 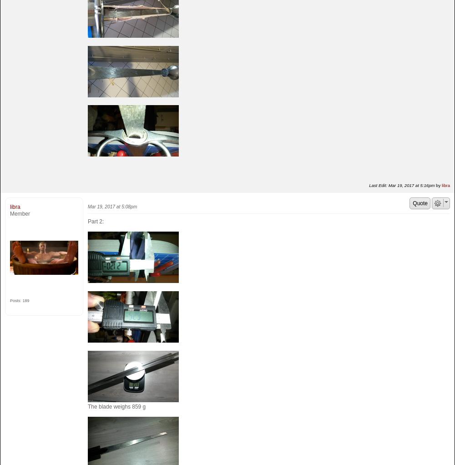 I want to click on 'Member', so click(x=20, y=212).